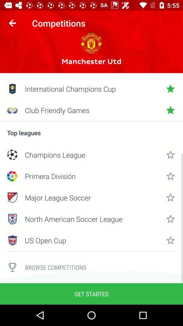  Describe the element at coordinates (91, 88) in the screenshot. I see `the item above the club friendly games` at that location.